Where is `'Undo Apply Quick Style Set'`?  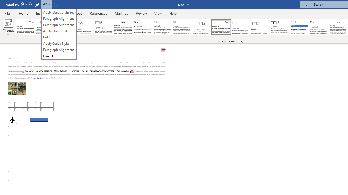
'Undo Apply Quick Style Set' is located at coordinates (45, 4).